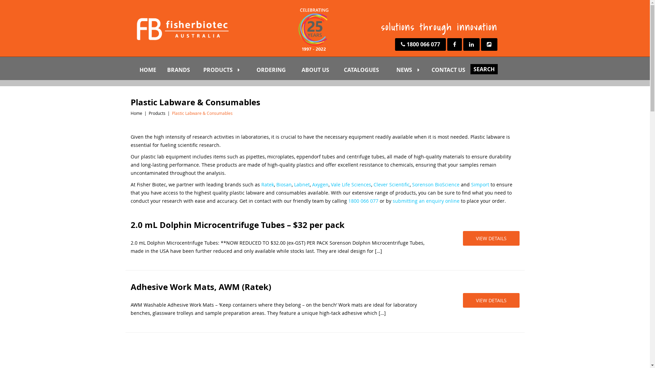  I want to click on 'CONTACT US', so click(455, 70).